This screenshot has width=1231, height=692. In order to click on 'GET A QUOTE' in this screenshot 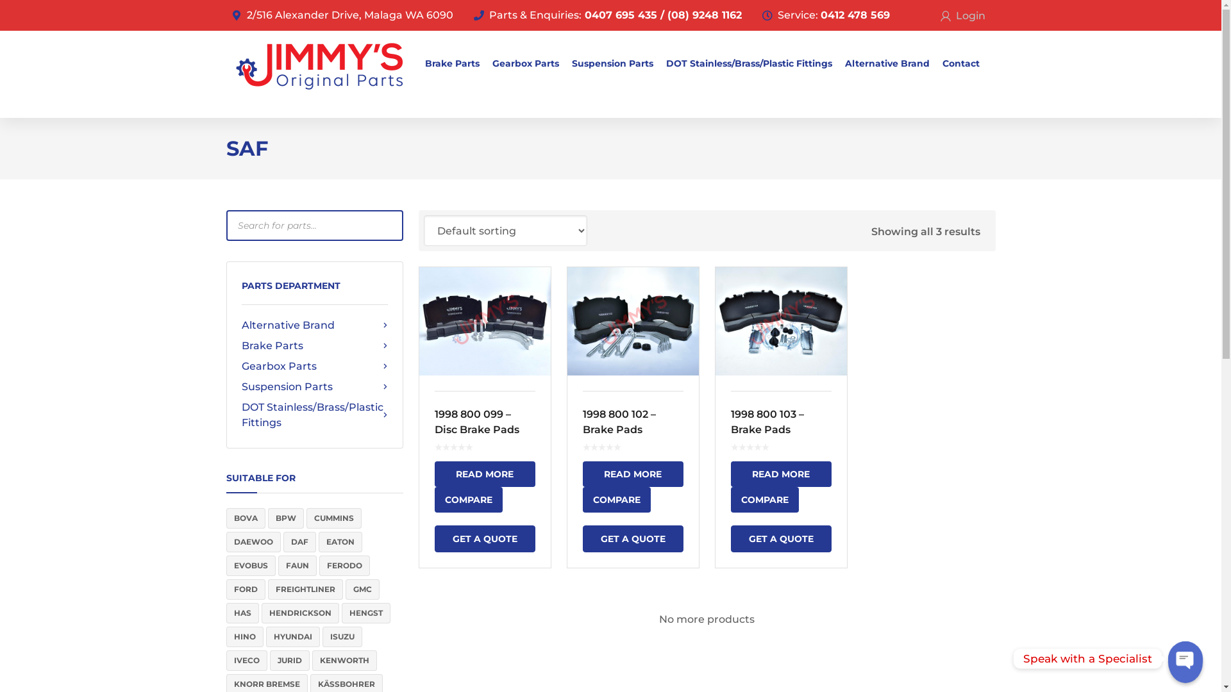, I will do `click(484, 538)`.